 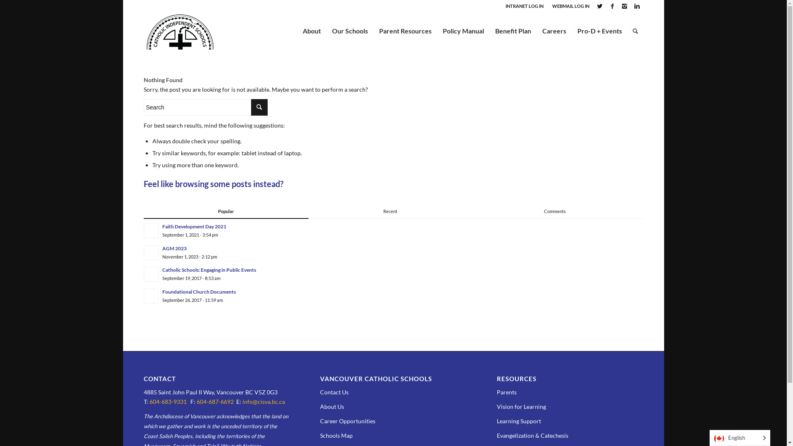 I want to click on 'Home', so click(x=143, y=50).